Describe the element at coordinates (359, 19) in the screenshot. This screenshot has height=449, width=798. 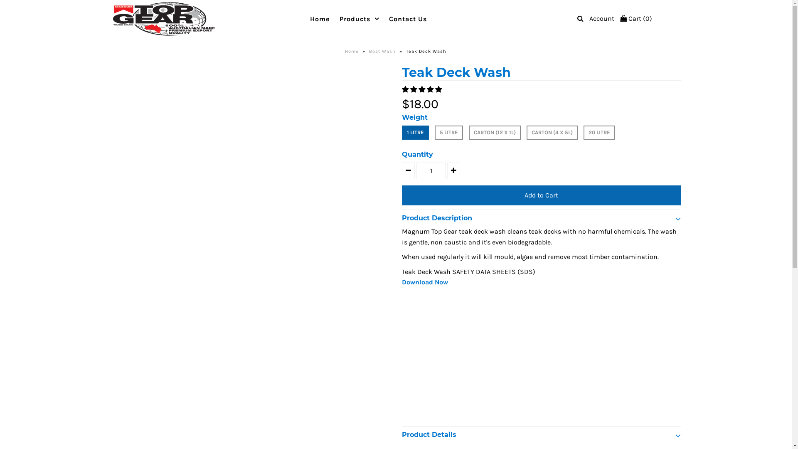
I see `'Products'` at that location.